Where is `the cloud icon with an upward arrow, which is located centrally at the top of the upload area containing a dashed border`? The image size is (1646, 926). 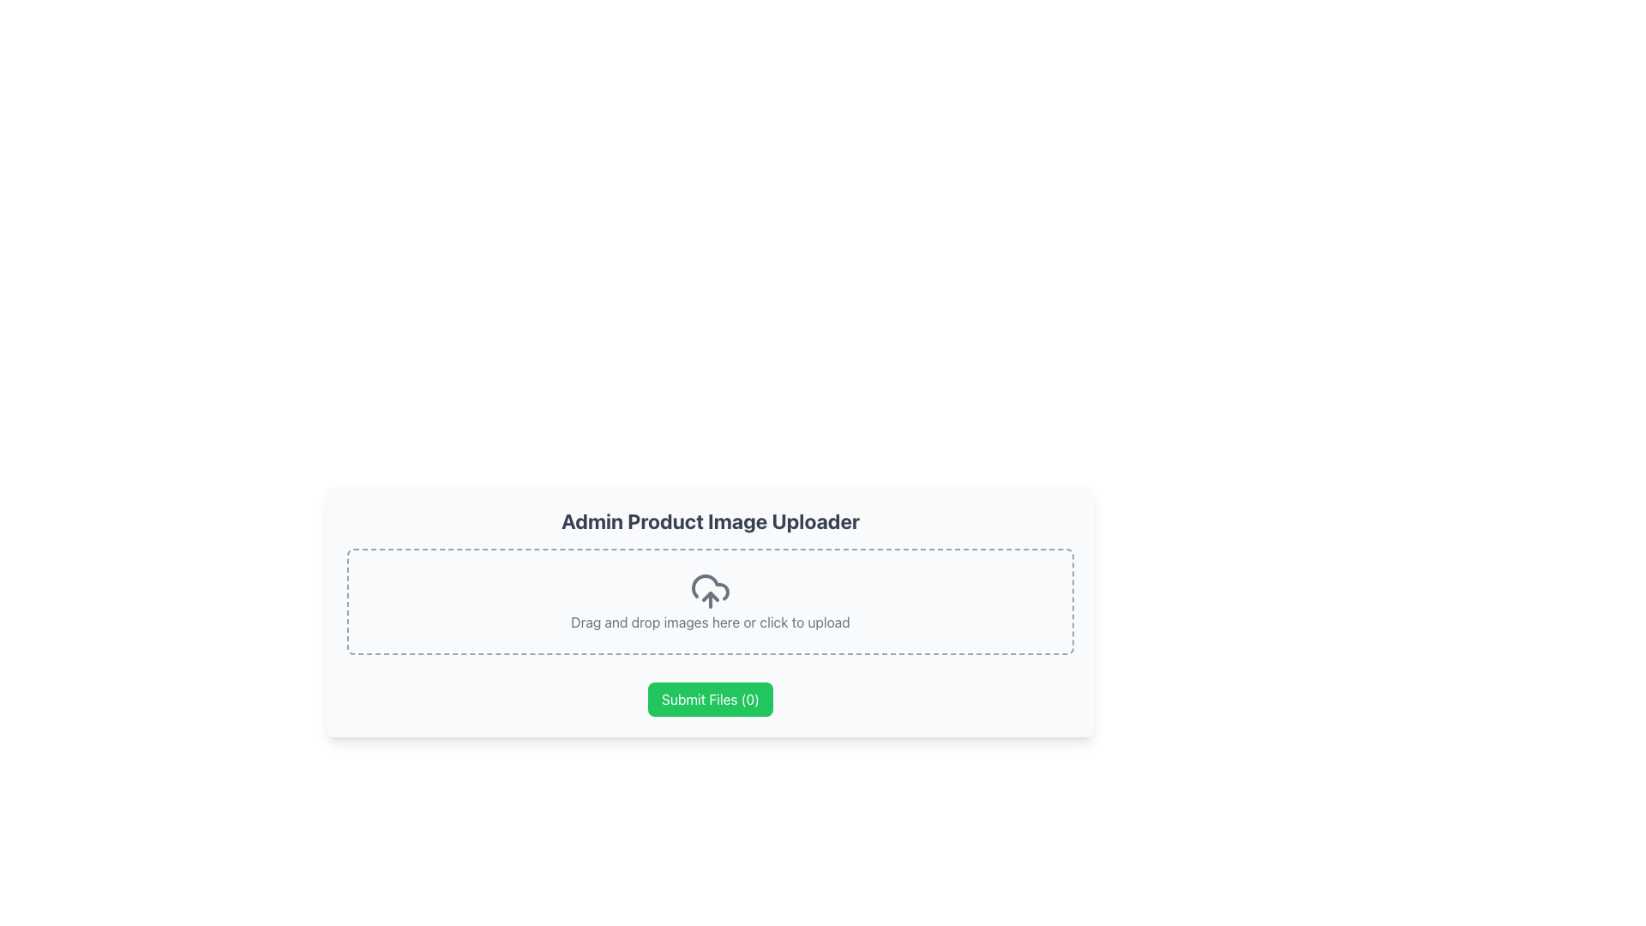 the cloud icon with an upward arrow, which is located centrally at the top of the upload area containing a dashed border is located at coordinates (711, 591).